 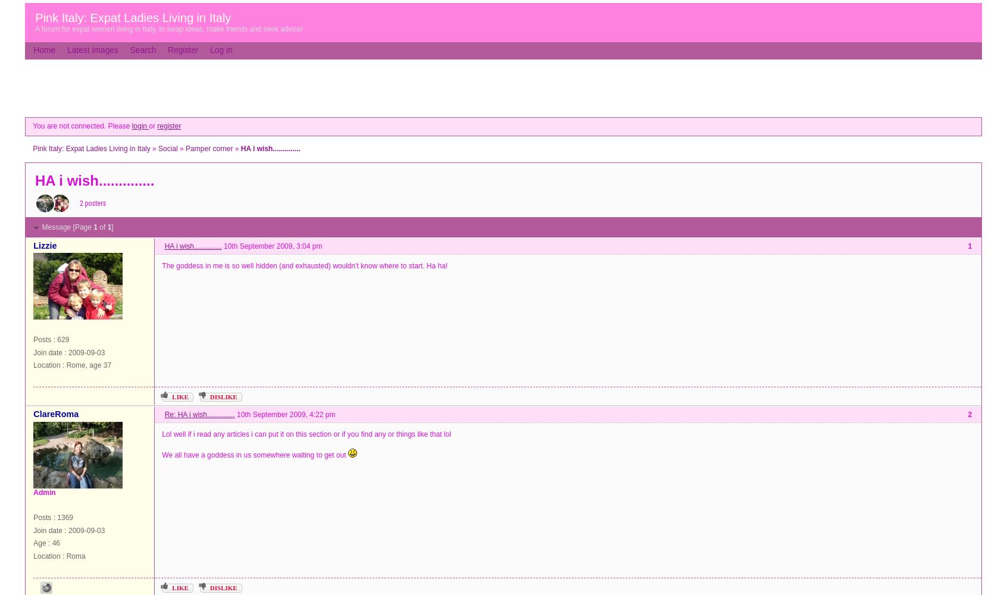 I want to click on 'Rome, age 37', so click(x=88, y=365).